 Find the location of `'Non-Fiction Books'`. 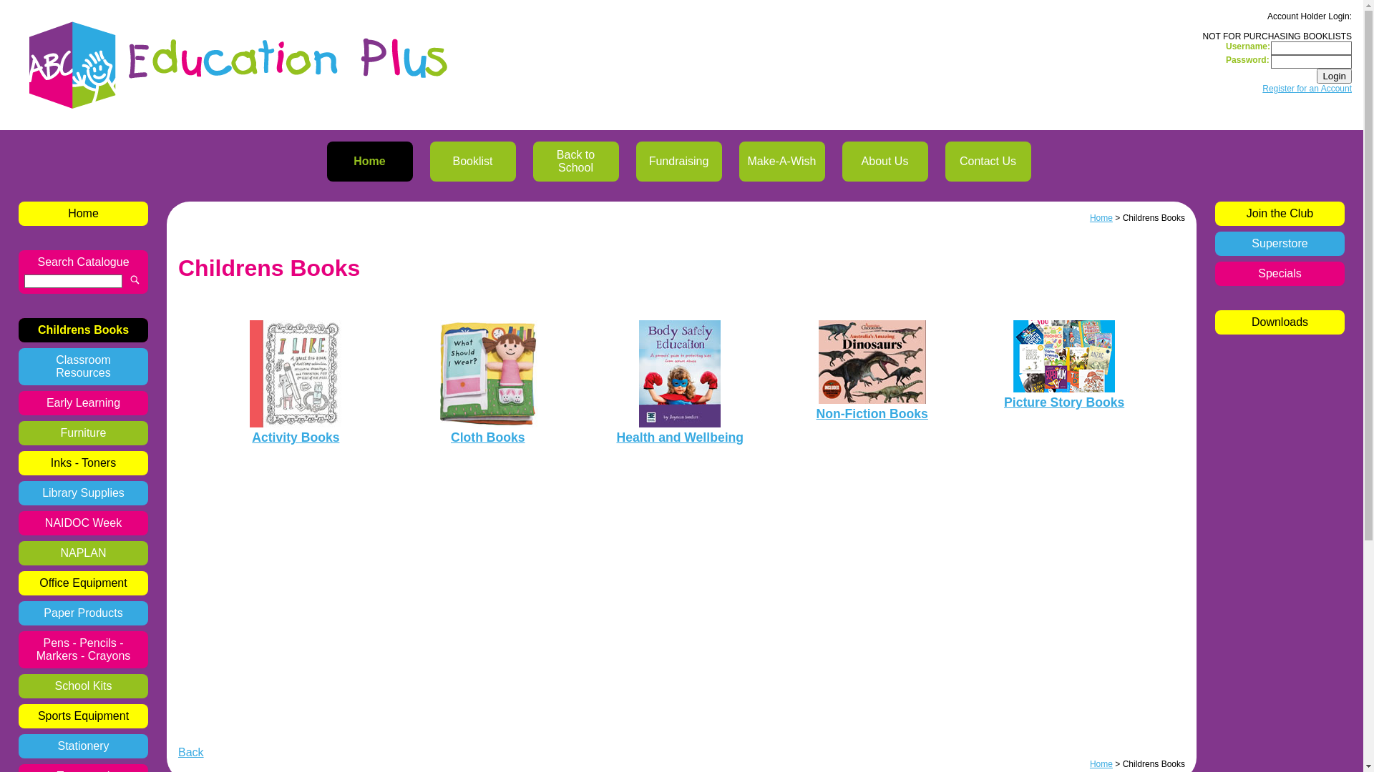

'Non-Fiction Books' is located at coordinates (872, 413).